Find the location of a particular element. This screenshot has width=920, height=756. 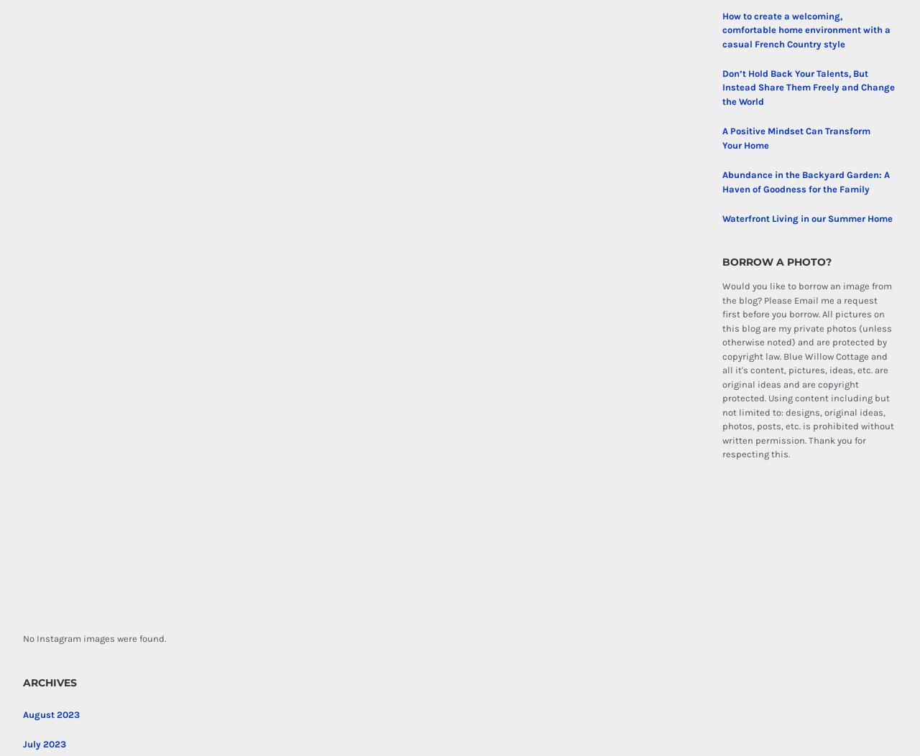

'Don’t Hold Back Your Talents, But Instead Share Them Freely and Change the World' is located at coordinates (722, 86).